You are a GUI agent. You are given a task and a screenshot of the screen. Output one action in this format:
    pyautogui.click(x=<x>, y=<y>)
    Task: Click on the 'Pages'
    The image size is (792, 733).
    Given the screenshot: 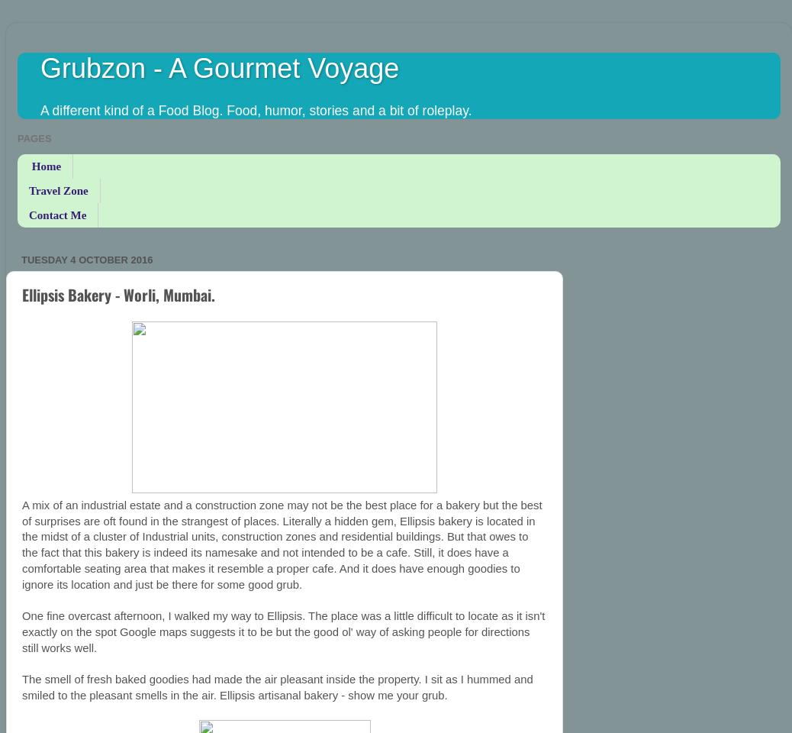 What is the action you would take?
    pyautogui.click(x=17, y=137)
    